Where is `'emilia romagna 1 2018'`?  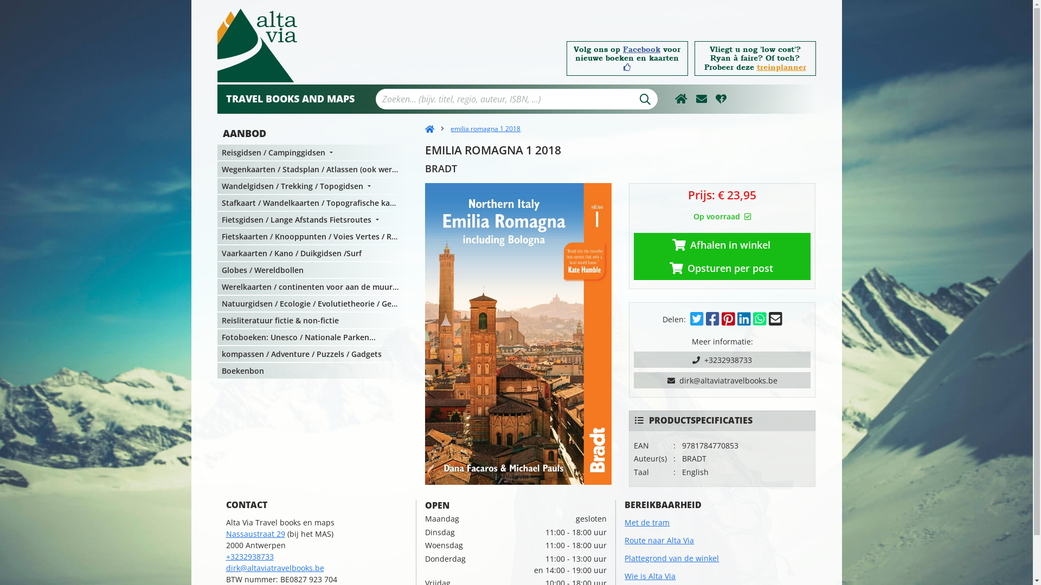
'emilia romagna 1 2018' is located at coordinates (434, 128).